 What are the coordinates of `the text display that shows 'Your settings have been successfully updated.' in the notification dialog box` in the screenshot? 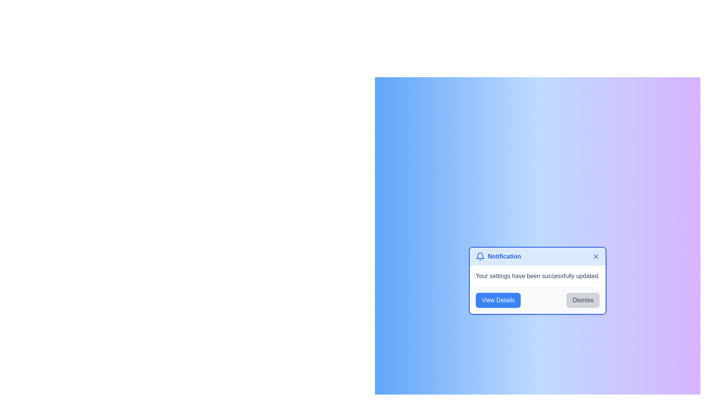 It's located at (537, 276).